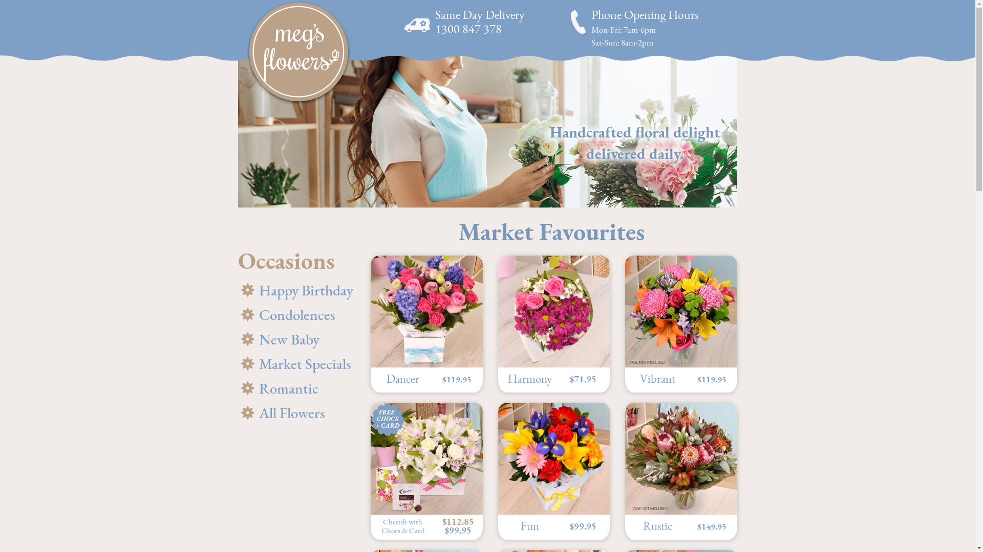 The width and height of the screenshot is (983, 552). What do you see at coordinates (238, 388) in the screenshot?
I see `'Romantic'` at bounding box center [238, 388].